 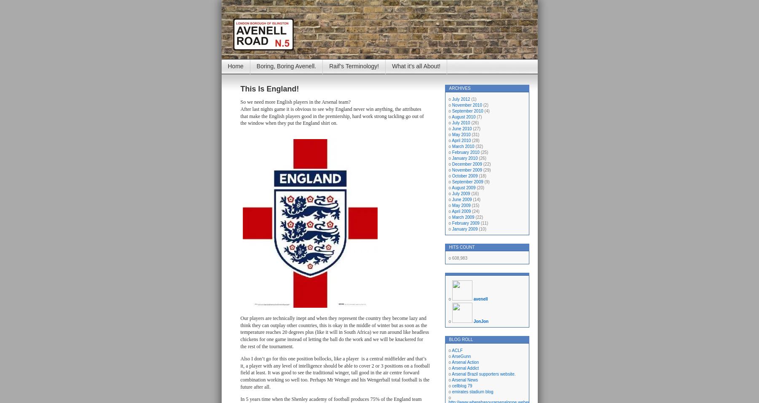 I want to click on 'June 2009', so click(x=461, y=199).